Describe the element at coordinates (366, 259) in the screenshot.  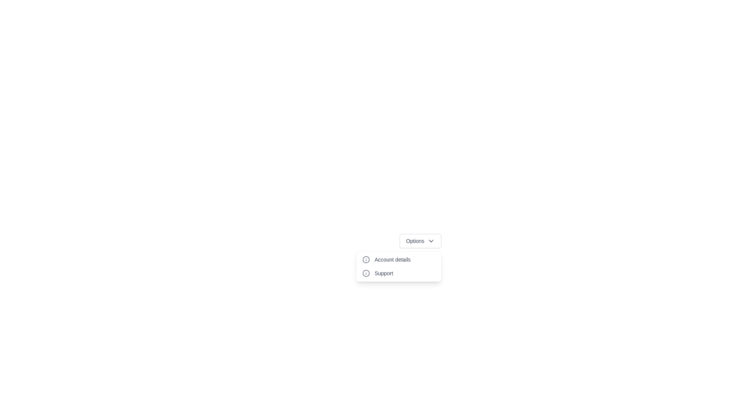
I see `the circular graphic element of the information icon located near the top-left of the 'Support' menu entry` at that location.